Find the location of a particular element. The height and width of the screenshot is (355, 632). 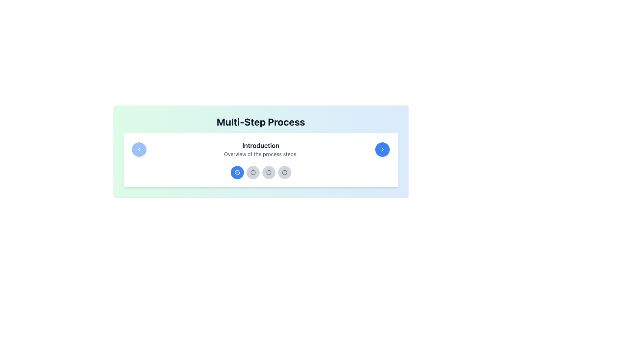

the second circular button with a grey stroke and no fill color, located in the lower section of the card displaying the 'Introduction' heading is located at coordinates (284, 172).